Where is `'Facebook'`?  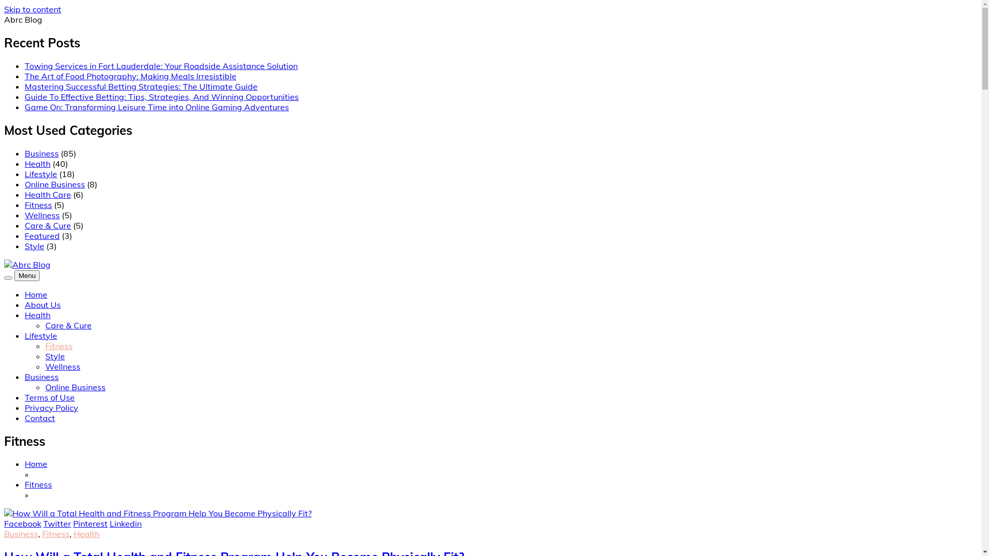
'Facebook' is located at coordinates (22, 524).